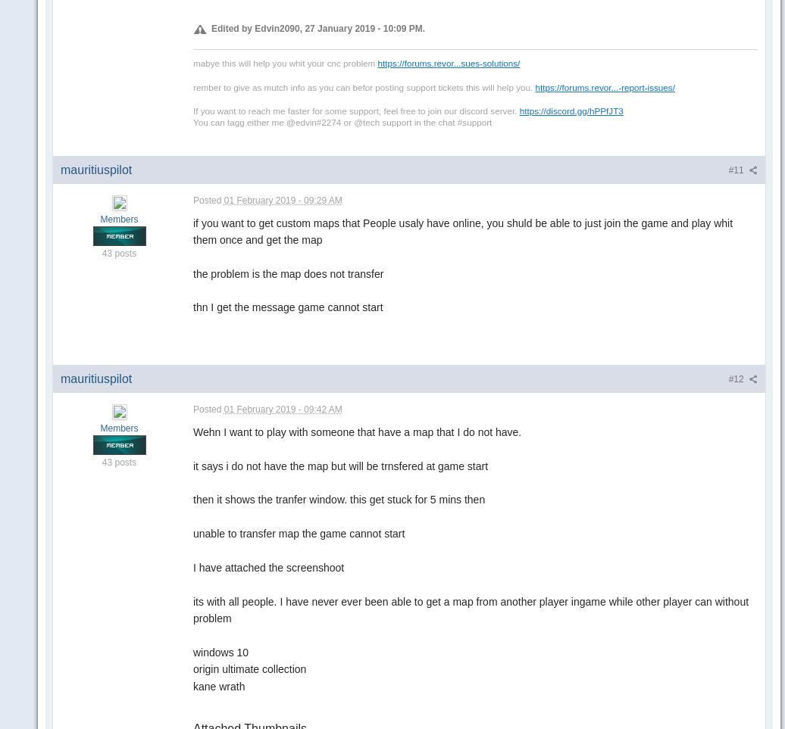 The height and width of the screenshot is (729, 785). I want to click on '#11', so click(727, 169).